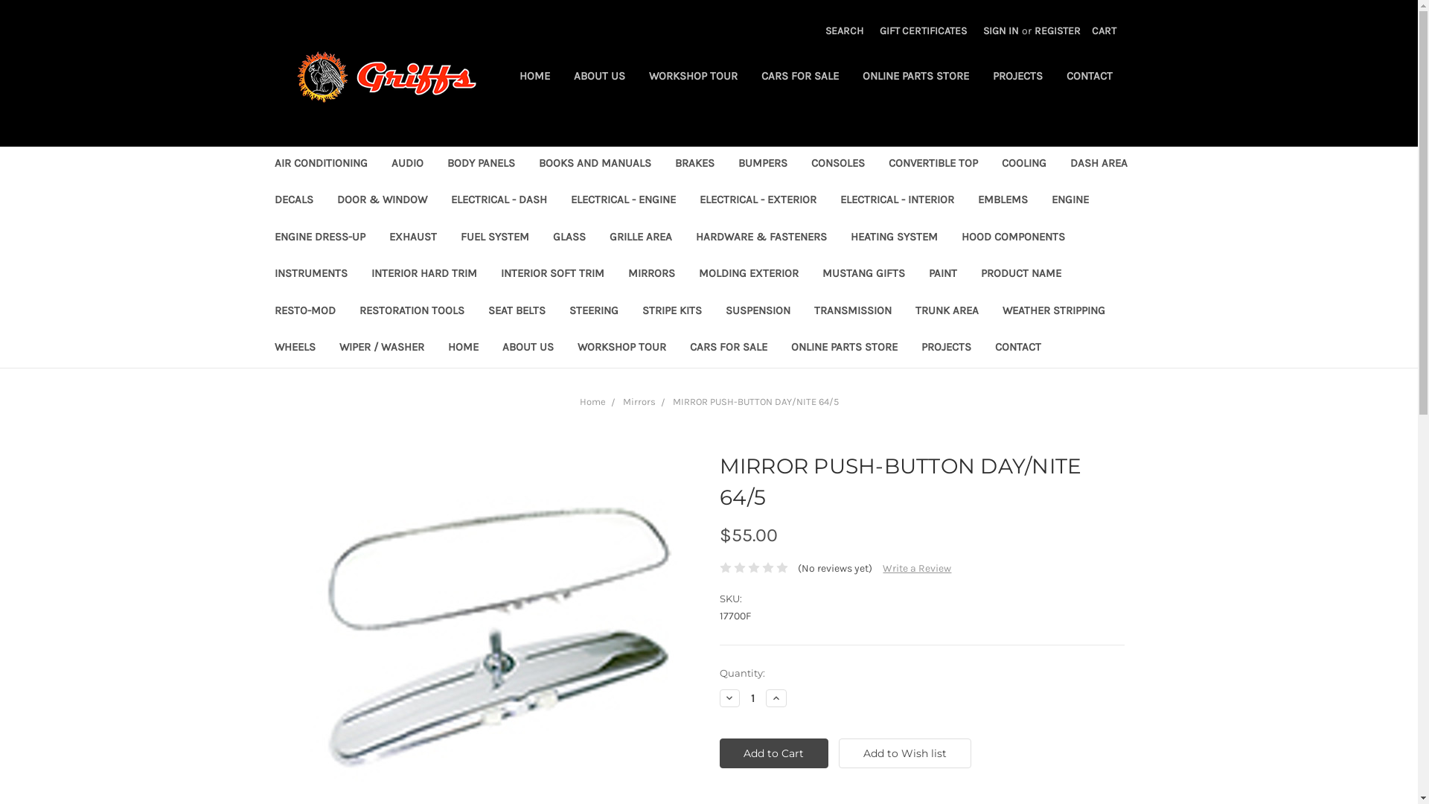 The image size is (1429, 804). Describe the element at coordinates (1052, 311) in the screenshot. I see `'WEATHER STRIPPING'` at that location.